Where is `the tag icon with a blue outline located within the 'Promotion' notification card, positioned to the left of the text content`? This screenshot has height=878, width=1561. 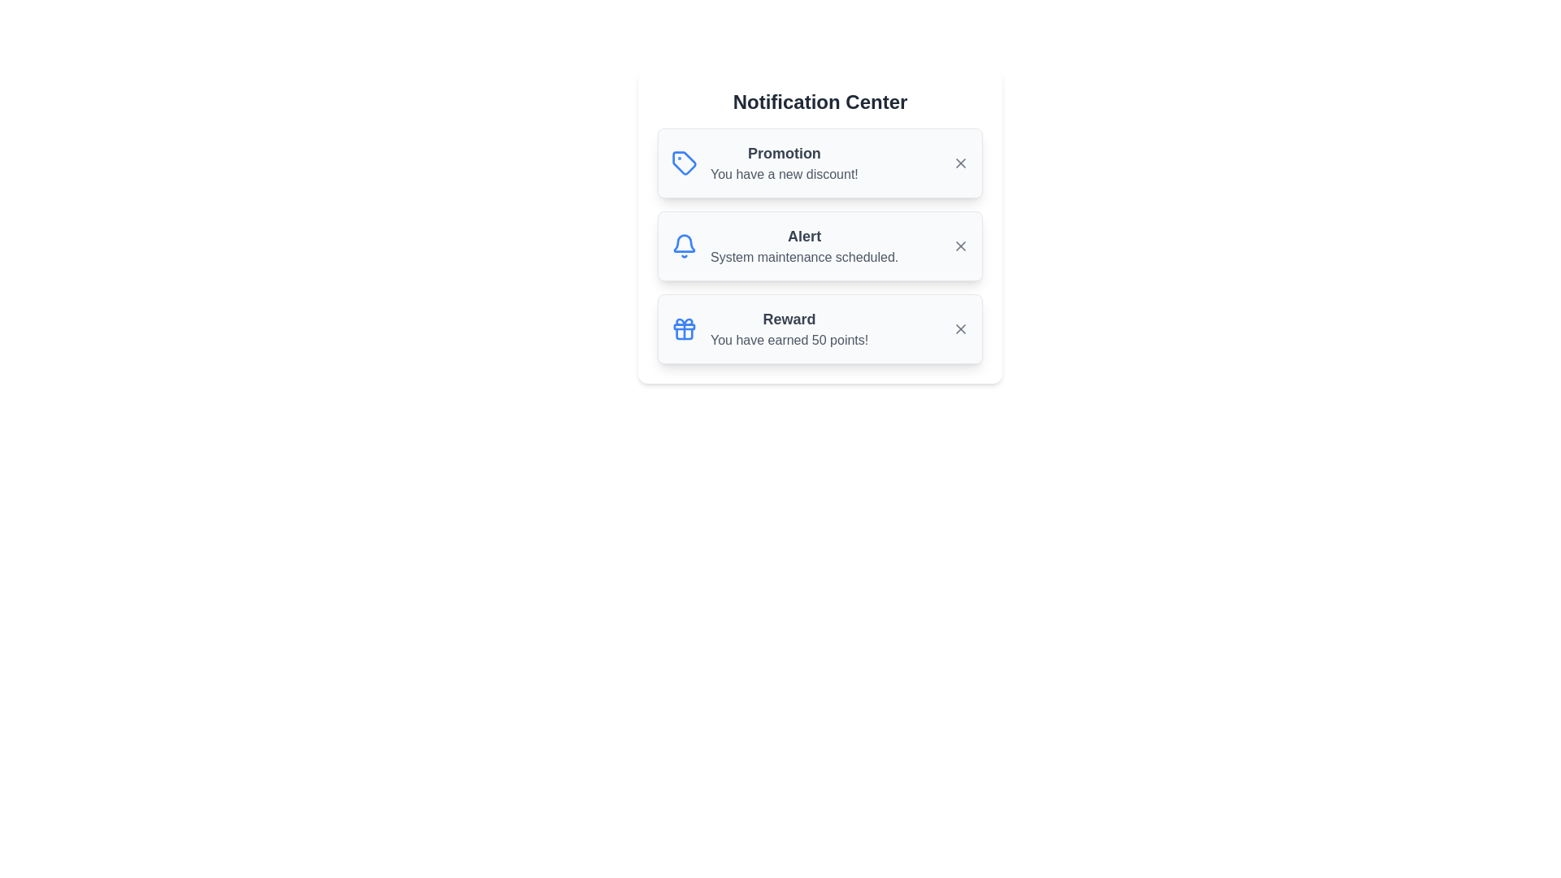
the tag icon with a blue outline located within the 'Promotion' notification card, positioned to the left of the text content is located at coordinates (684, 163).